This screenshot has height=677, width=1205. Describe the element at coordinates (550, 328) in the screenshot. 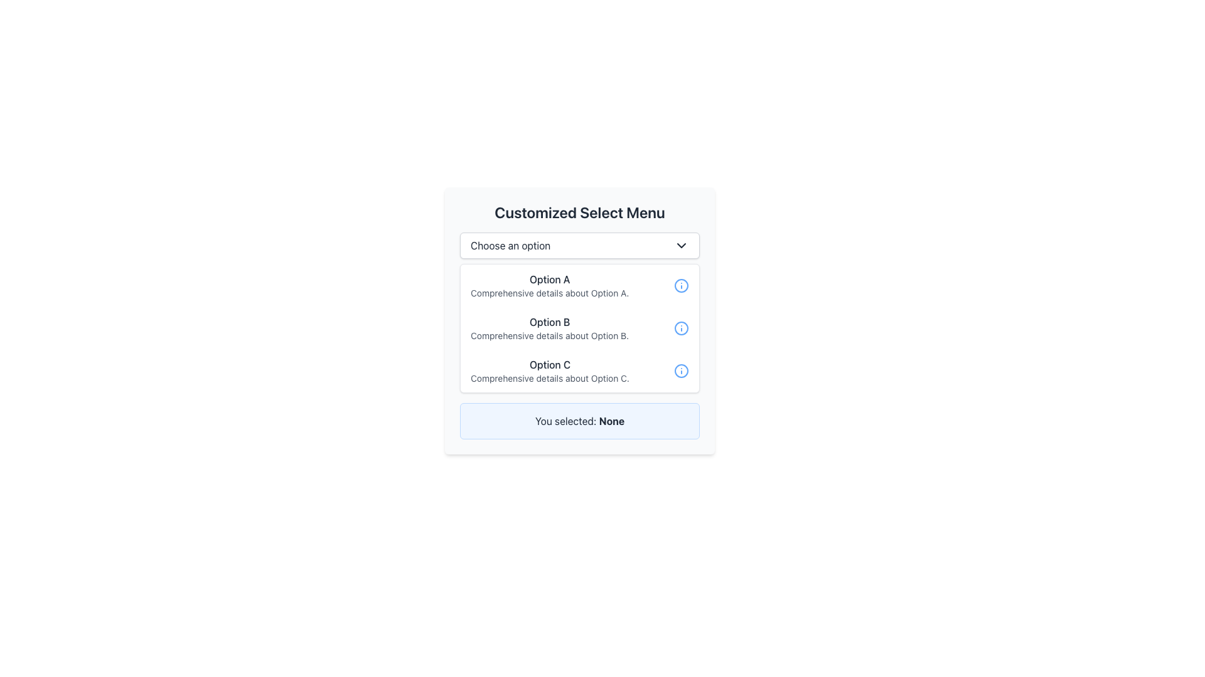

I see `to select 'Option B', the second item in a vertical list of options` at that location.